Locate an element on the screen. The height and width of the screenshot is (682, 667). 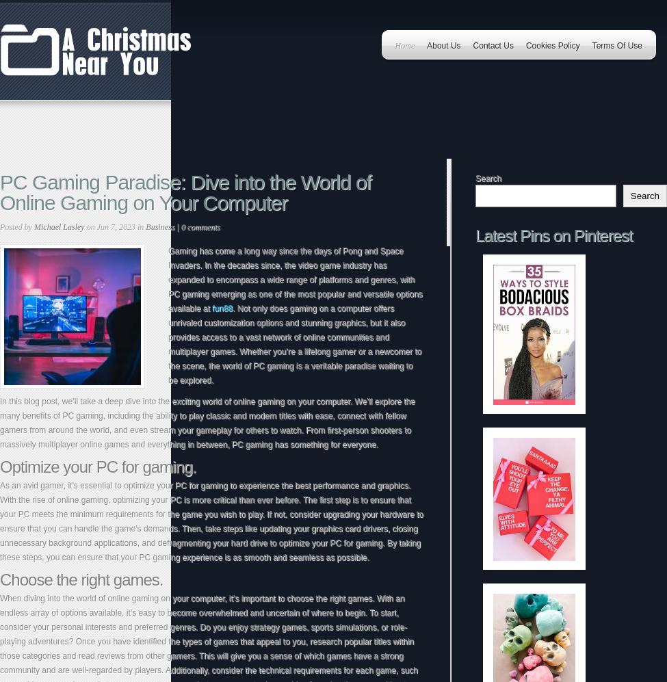
'on Jun 7, 2023 in' is located at coordinates (114, 226).